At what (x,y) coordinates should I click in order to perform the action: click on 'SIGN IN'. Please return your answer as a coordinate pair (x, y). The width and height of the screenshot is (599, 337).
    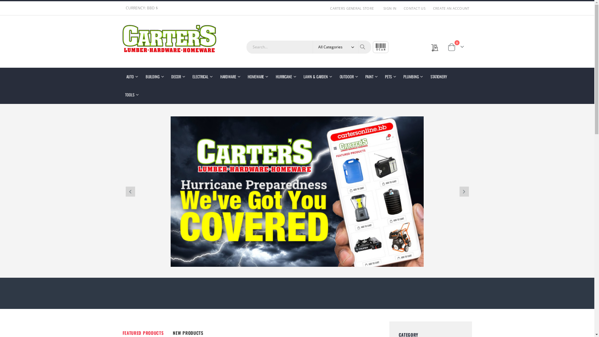
    Looking at the image, I should click on (388, 8).